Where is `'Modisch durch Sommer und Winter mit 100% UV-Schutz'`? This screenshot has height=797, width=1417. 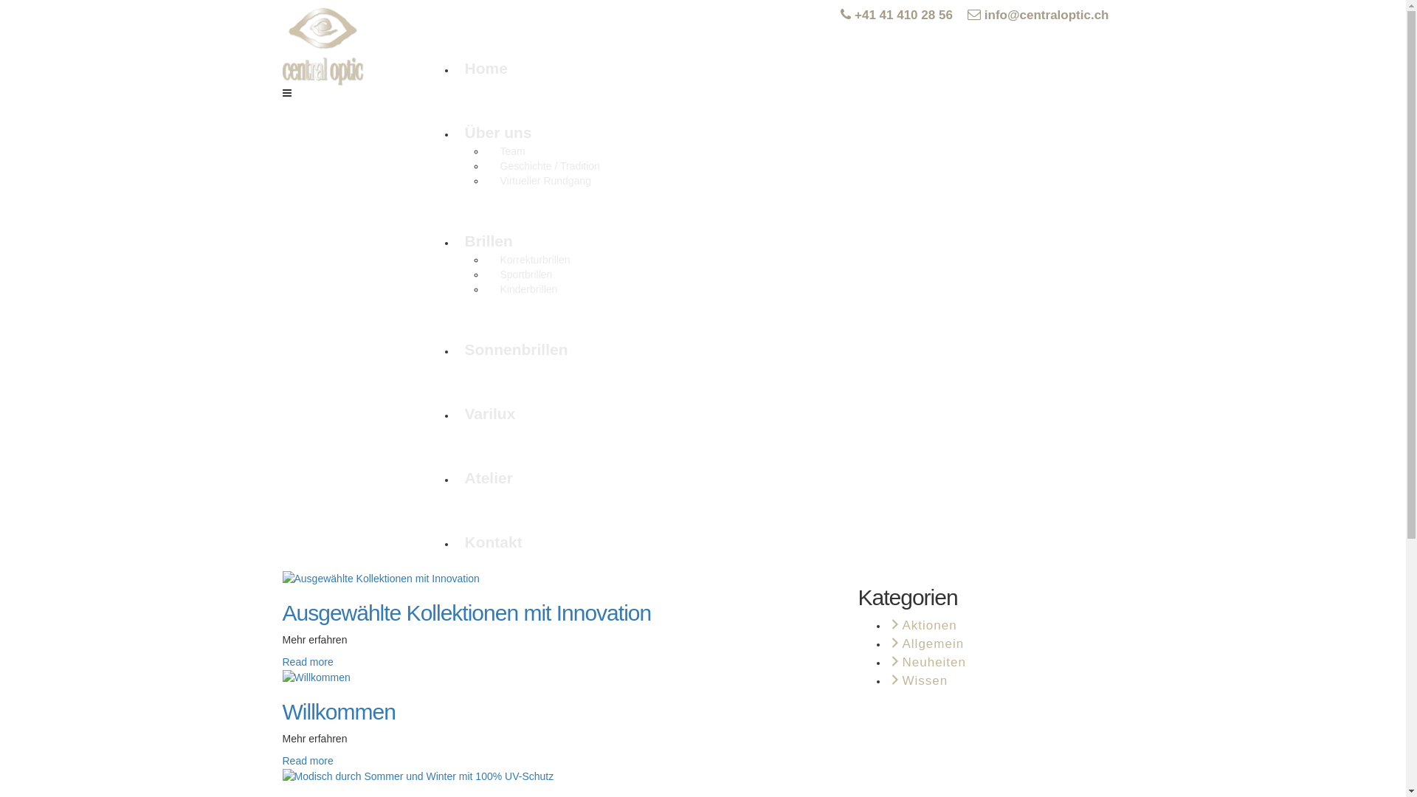
'Modisch durch Sommer und Winter mit 100% UV-Schutz' is located at coordinates (417, 774).